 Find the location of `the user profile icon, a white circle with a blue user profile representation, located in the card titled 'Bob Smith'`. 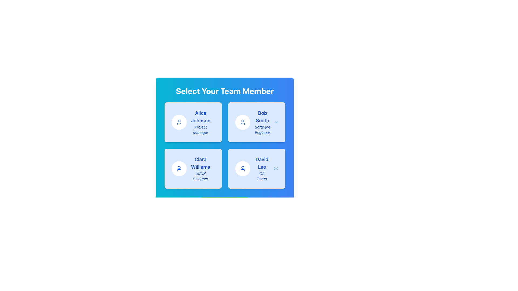

the user profile icon, a white circle with a blue user profile representation, located in the card titled 'Bob Smith' is located at coordinates (242, 122).